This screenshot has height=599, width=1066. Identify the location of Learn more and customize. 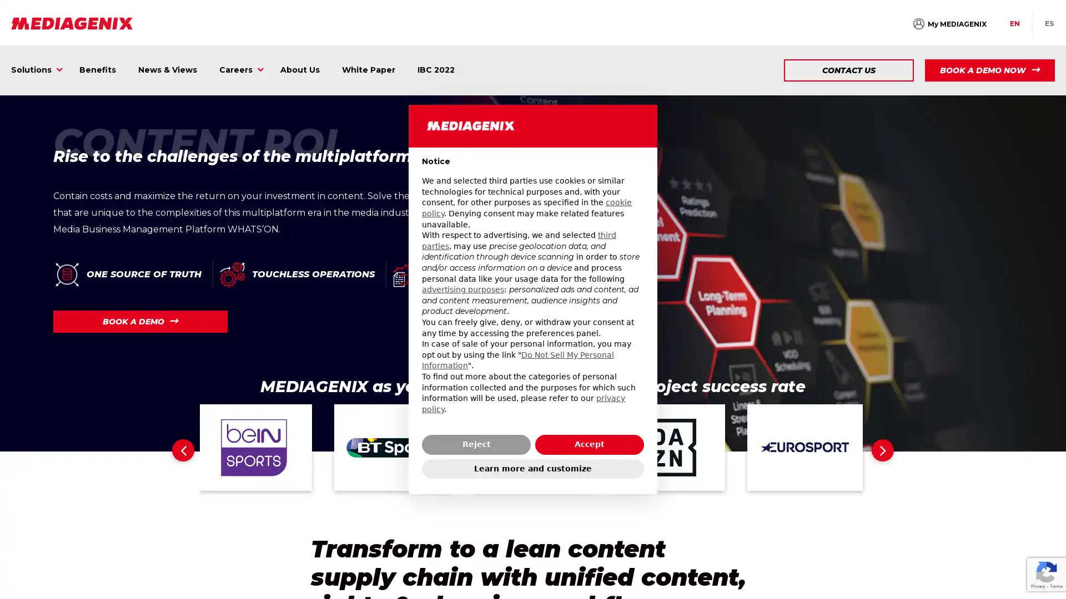
(533, 468).